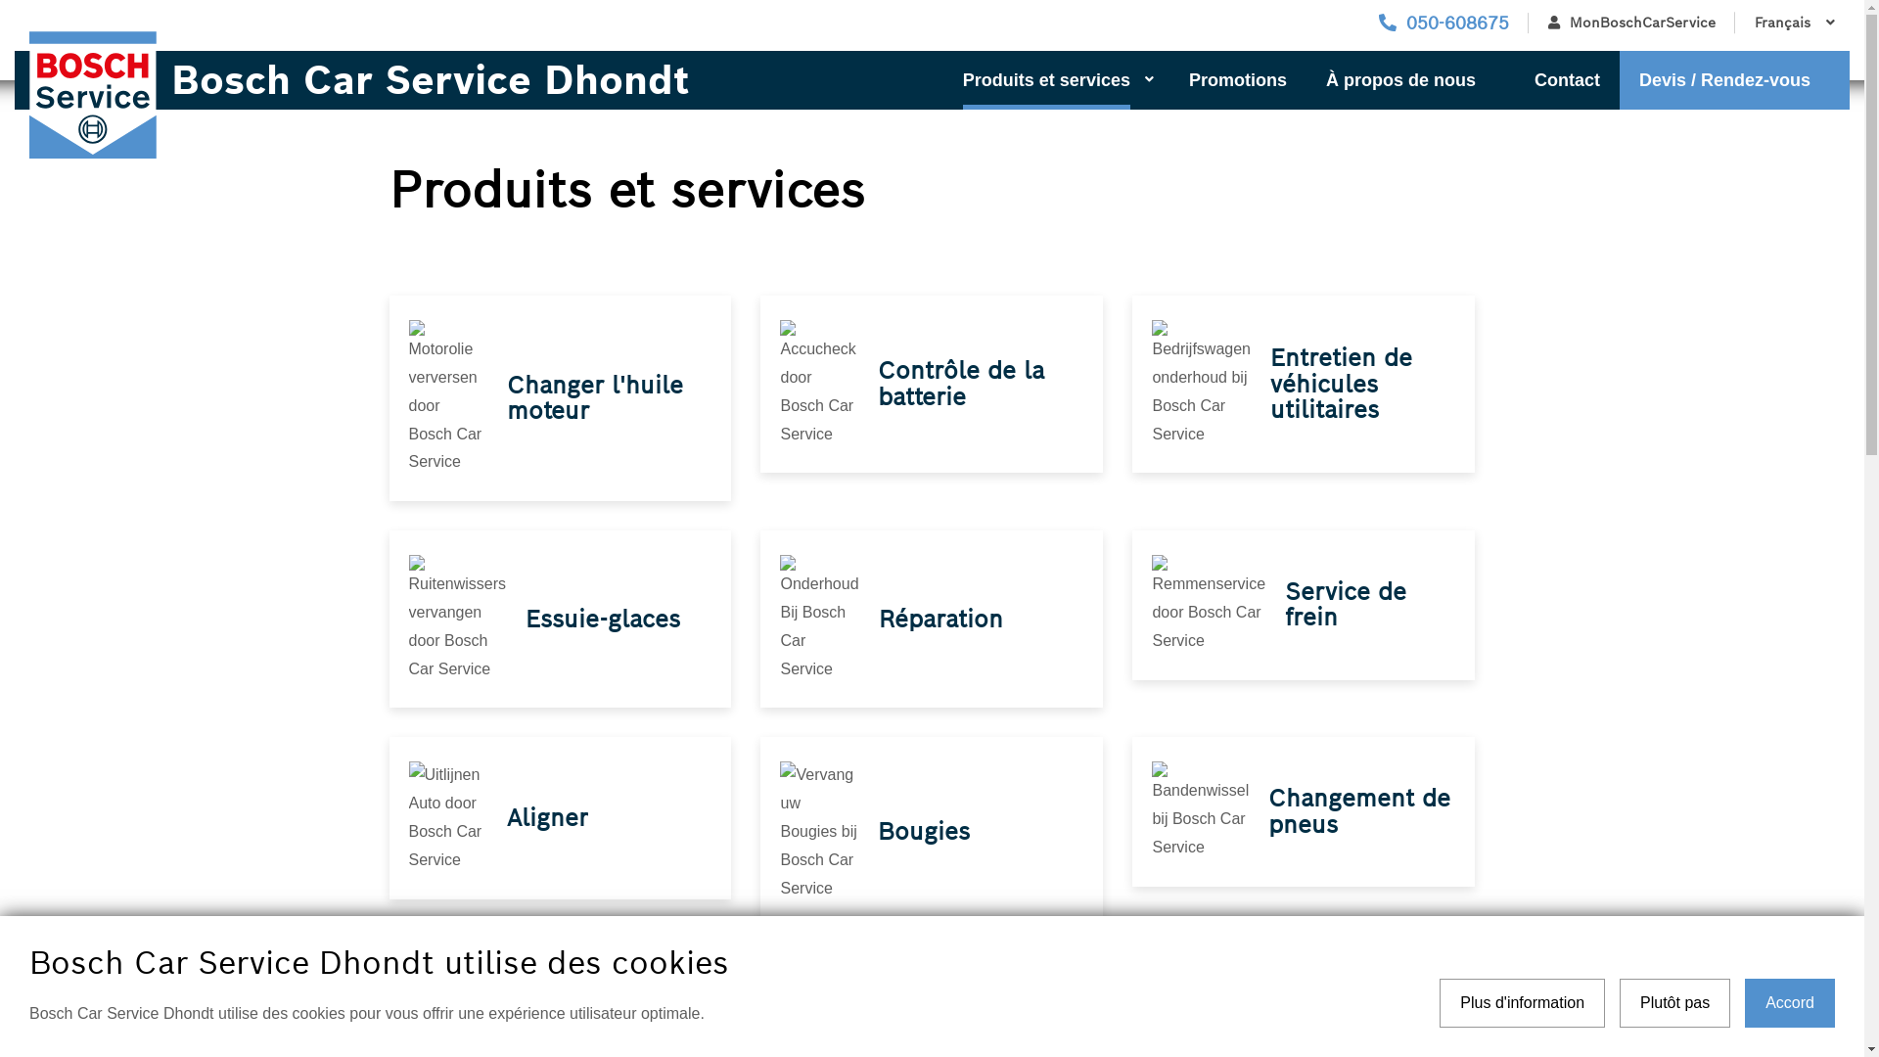  Describe the element at coordinates (1444, 23) in the screenshot. I see `'050-608675'` at that location.